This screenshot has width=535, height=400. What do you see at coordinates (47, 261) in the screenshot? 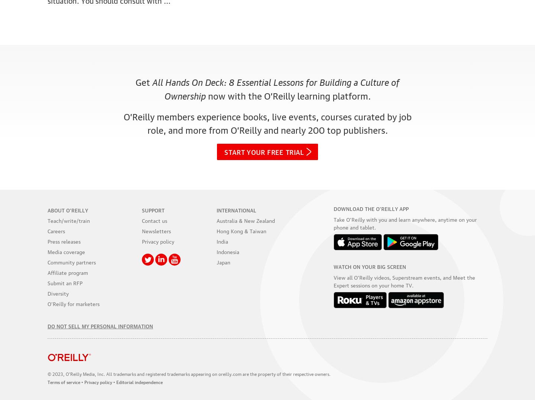
I see `'Community partners'` at bounding box center [47, 261].